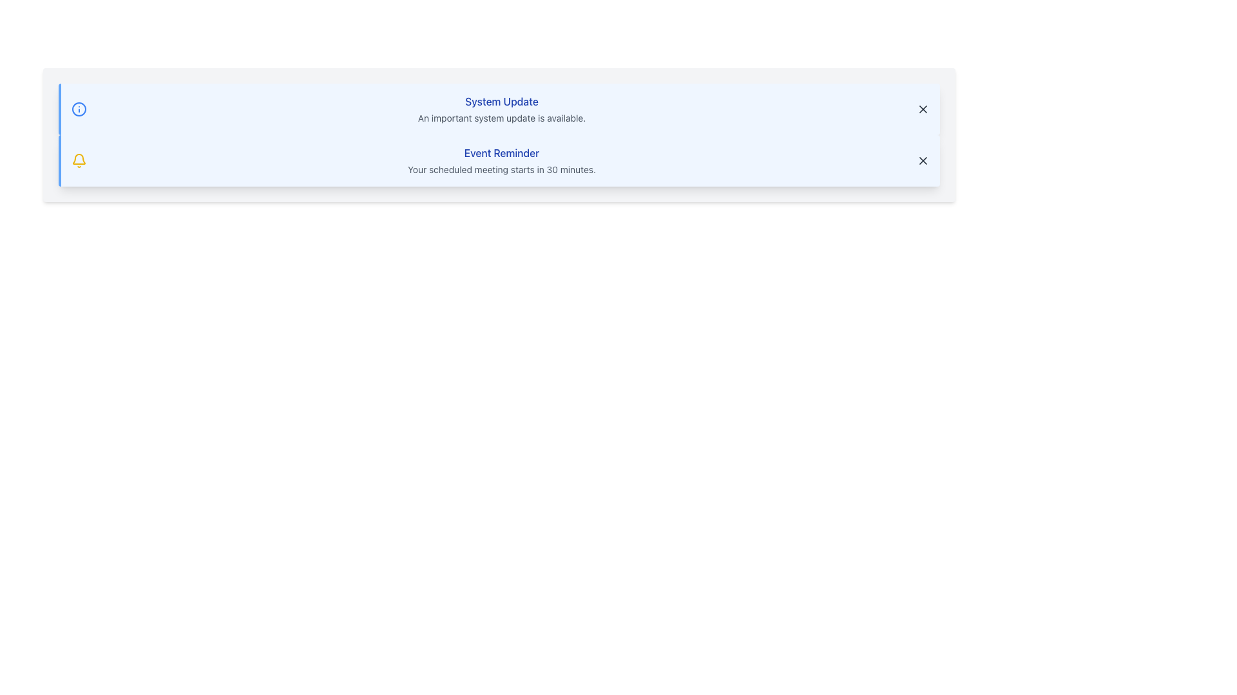 This screenshot has height=695, width=1237. What do you see at coordinates (923, 160) in the screenshot?
I see `the close button icon located in the top-right corner of the notification bar, which visually represents a close or cancel action` at bounding box center [923, 160].